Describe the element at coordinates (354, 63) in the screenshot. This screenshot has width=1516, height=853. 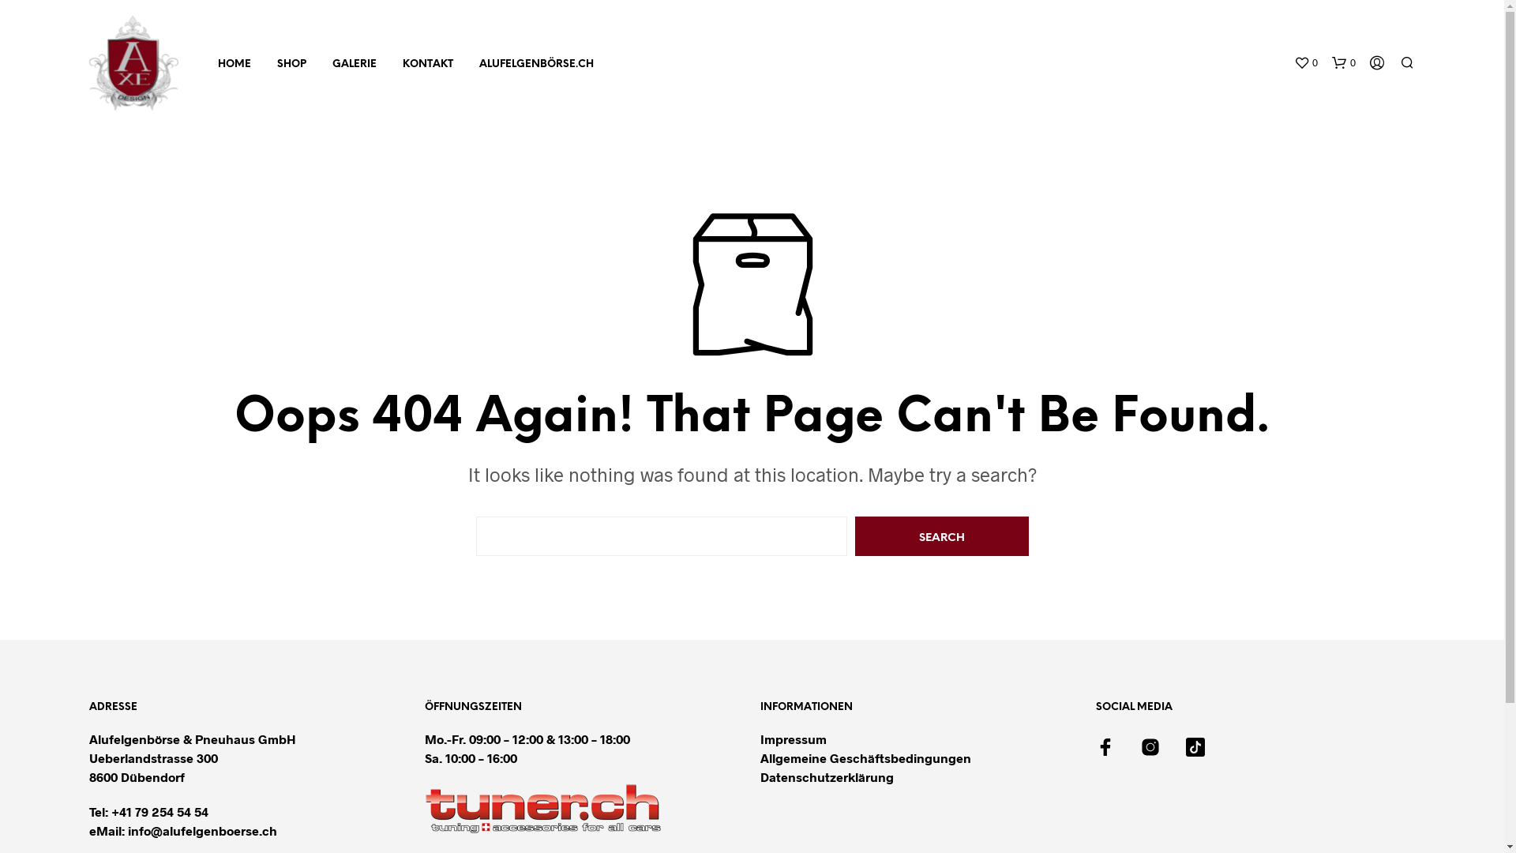
I see `'GALERIE'` at that location.